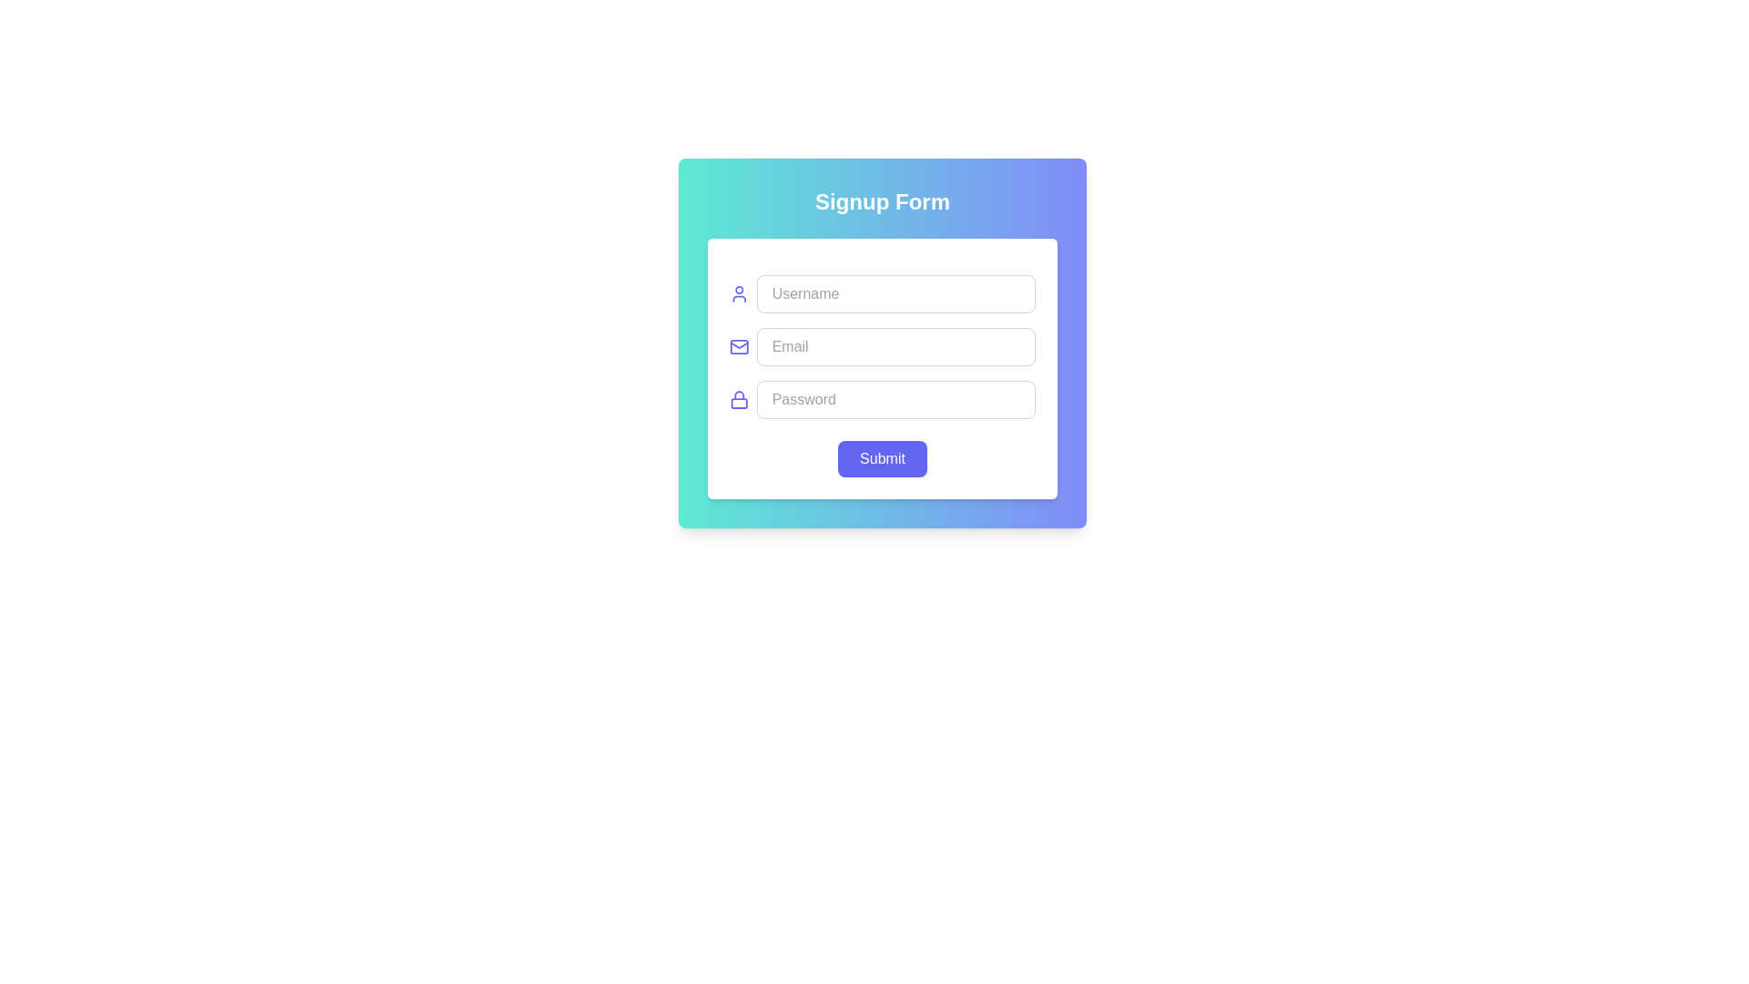  Describe the element at coordinates (739, 399) in the screenshot. I see `the security icon located to the left of the password input field, indicating functionality related to confidentiality` at that location.